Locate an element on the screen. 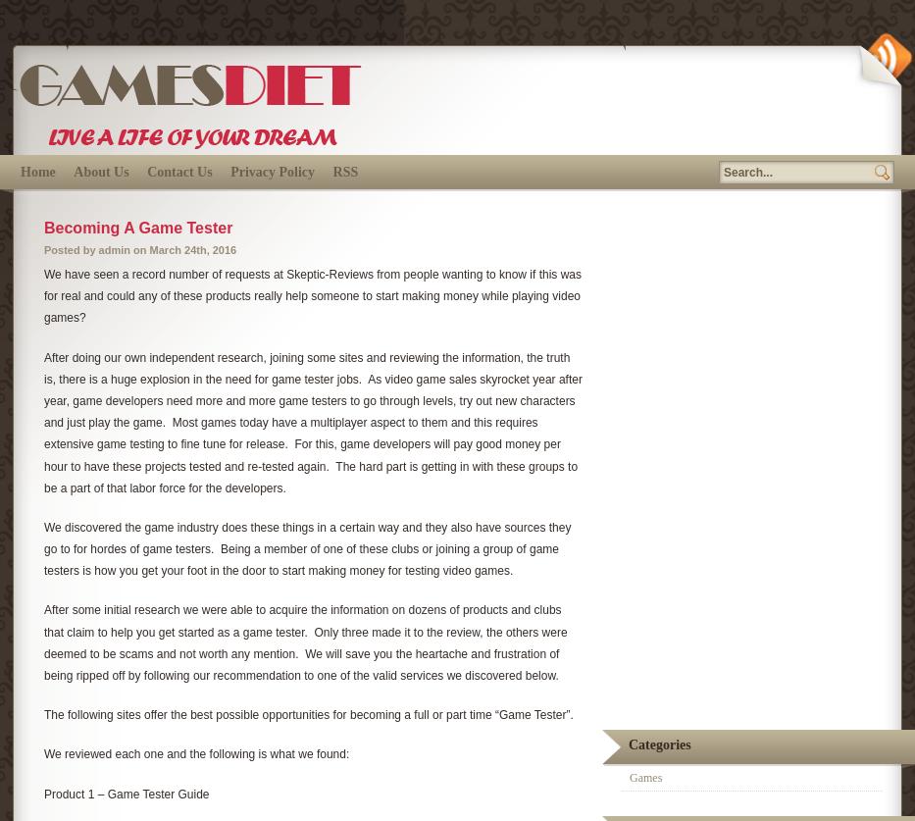  'After doing our own independent research, joining some sites and reviewing the information, the truth is, there is a huge explosion in the need for game tester jobs.  As video game sales skyrocket year after year, game developers need more and more game testers to go through levels, try out new characters and just play the game.  Most games today have a multiplayer aspect to them and this requires extensive game testing to fine tune for release.  For this, game developers will pay good money per hour to have these projects tested and re-tested again.  The hard part is getting in with these groups to be a part of that labor force for the developers.' is located at coordinates (311, 421).